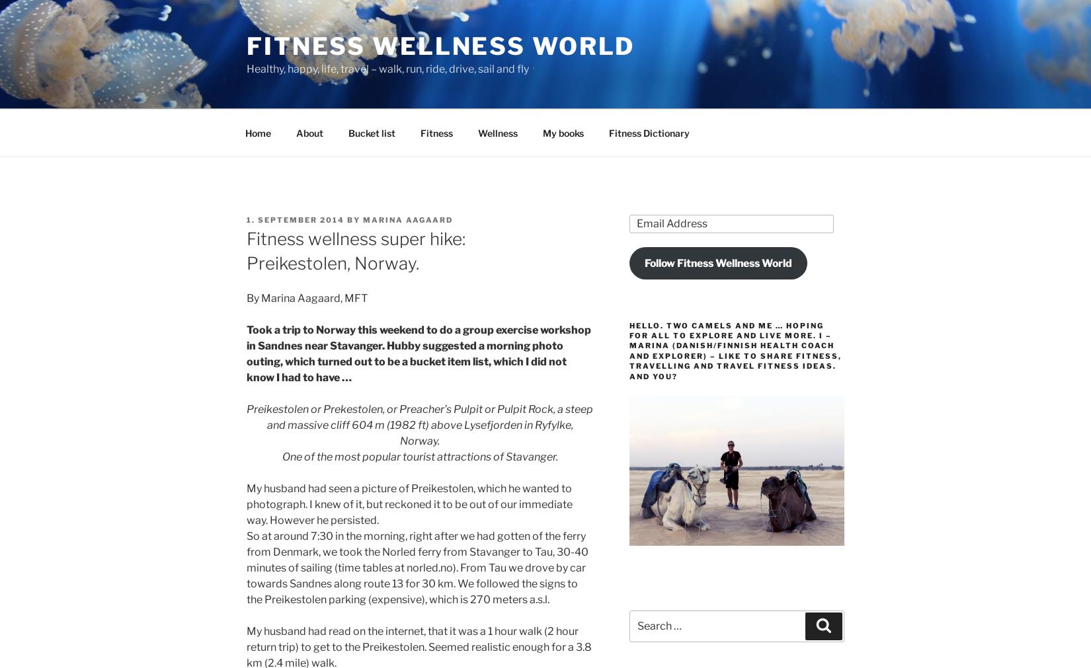 This screenshot has width=1091, height=668. What do you see at coordinates (497, 132) in the screenshot?
I see `'Wellness'` at bounding box center [497, 132].